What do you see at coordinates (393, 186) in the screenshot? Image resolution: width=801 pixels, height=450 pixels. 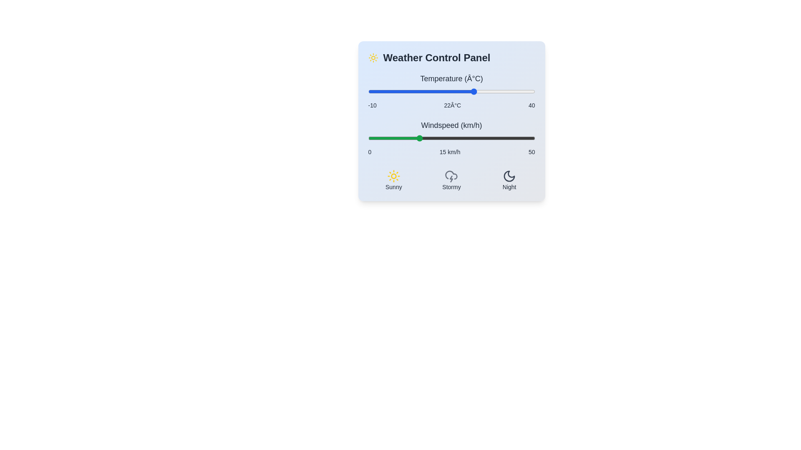 I see `the text 'Sunny' located in the 'Weather Control Panel' interface, positioned under the sun icon at the bottom left of the panel` at bounding box center [393, 186].